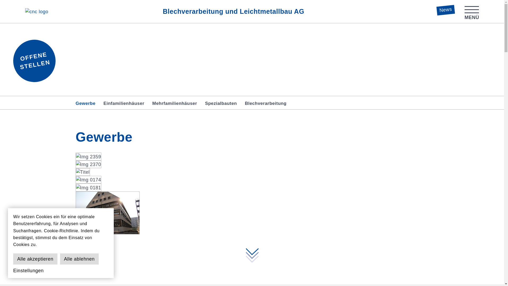  I want to click on 'Spezialbauten', so click(205, 103).